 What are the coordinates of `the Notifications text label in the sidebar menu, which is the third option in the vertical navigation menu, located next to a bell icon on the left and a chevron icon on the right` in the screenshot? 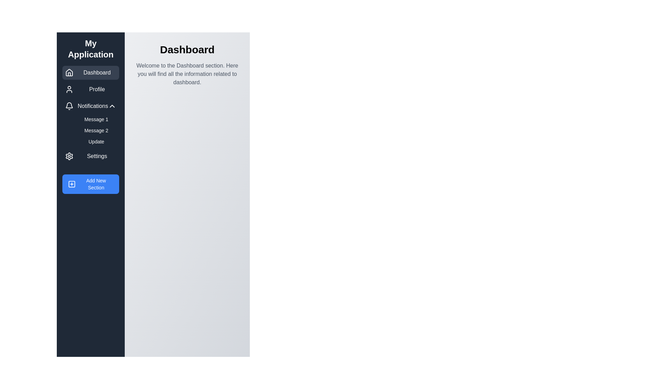 It's located at (92, 106).